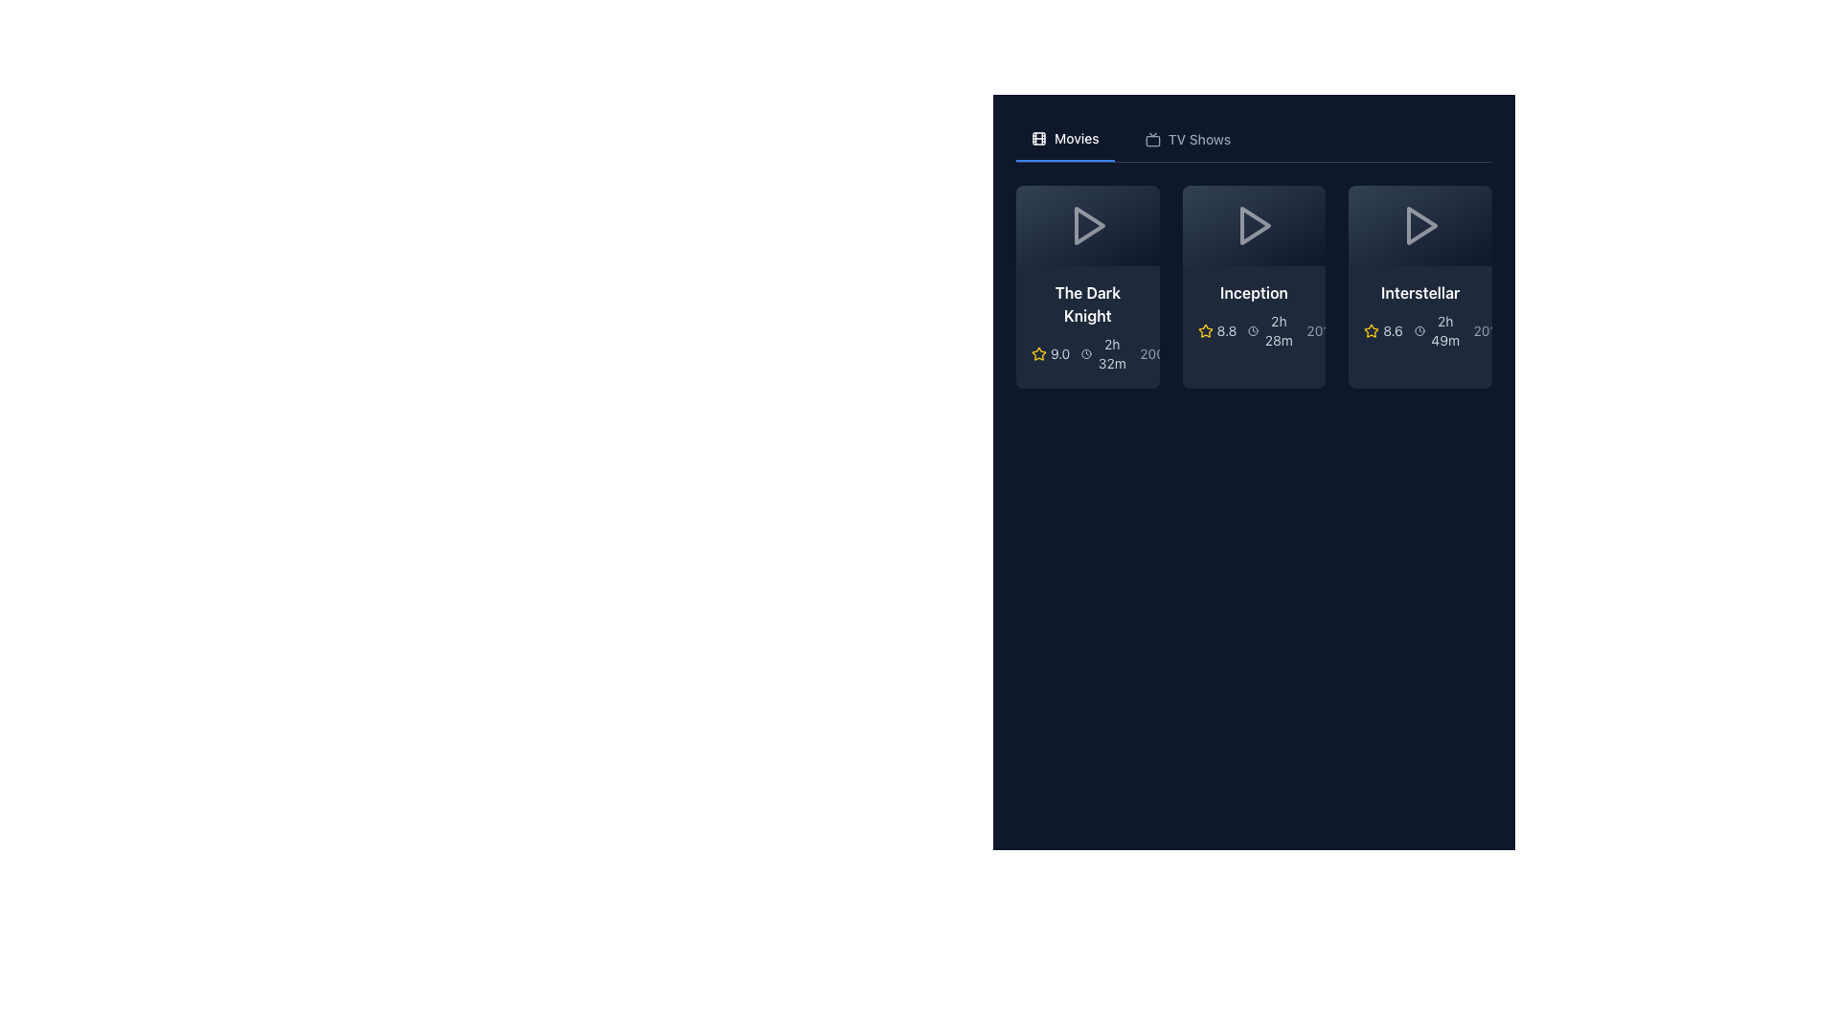 This screenshot has height=1034, width=1839. Describe the element at coordinates (1050, 354) in the screenshot. I see `the numerical rating text '9.0' located in the rating section of the first movie card, adjacent to the yellow star icon` at that location.